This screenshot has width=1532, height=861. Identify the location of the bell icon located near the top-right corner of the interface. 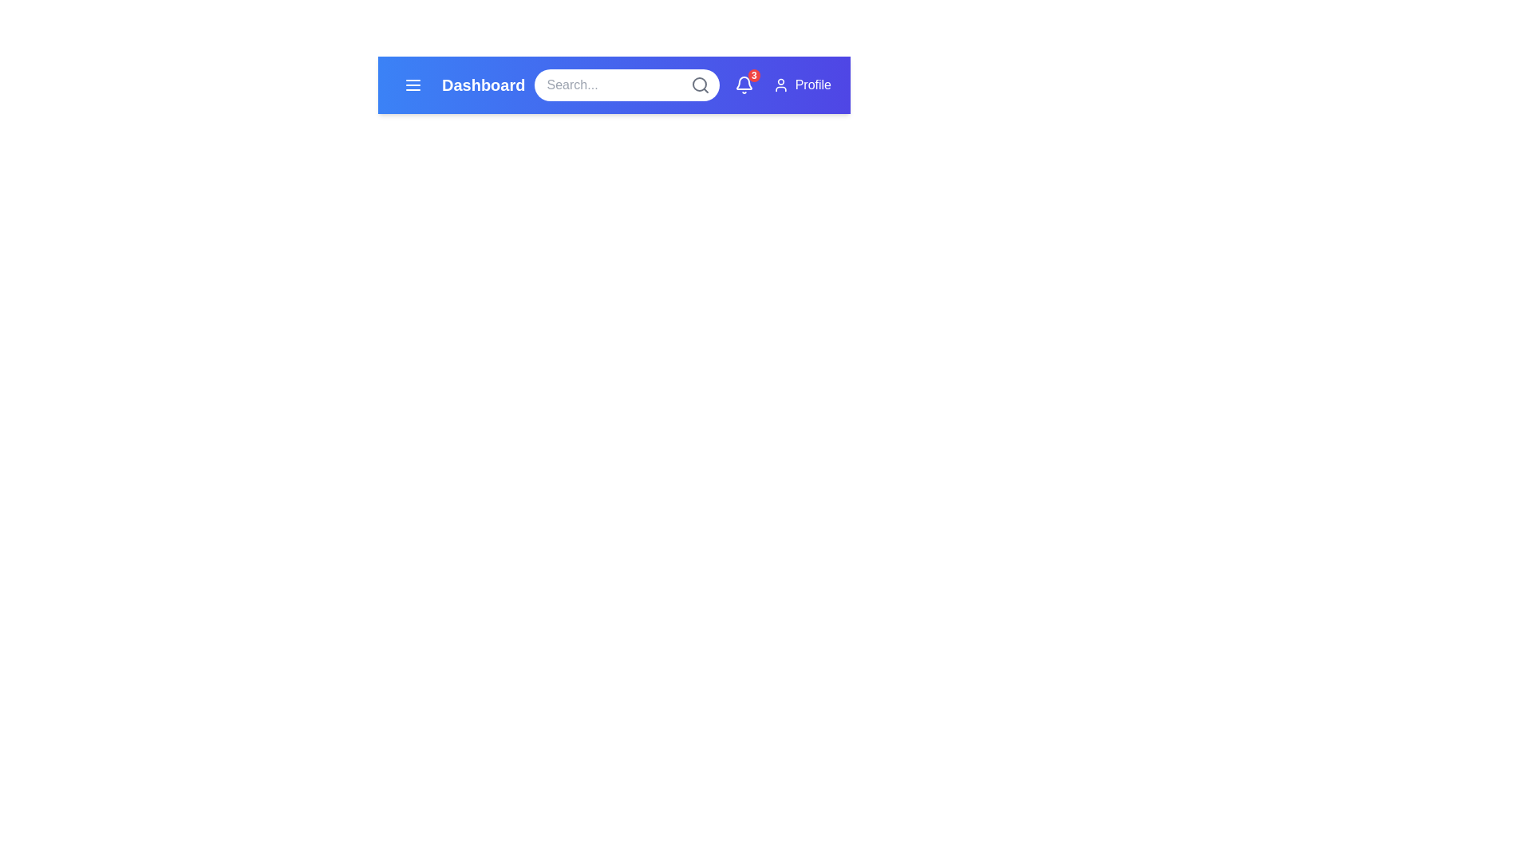
(743, 85).